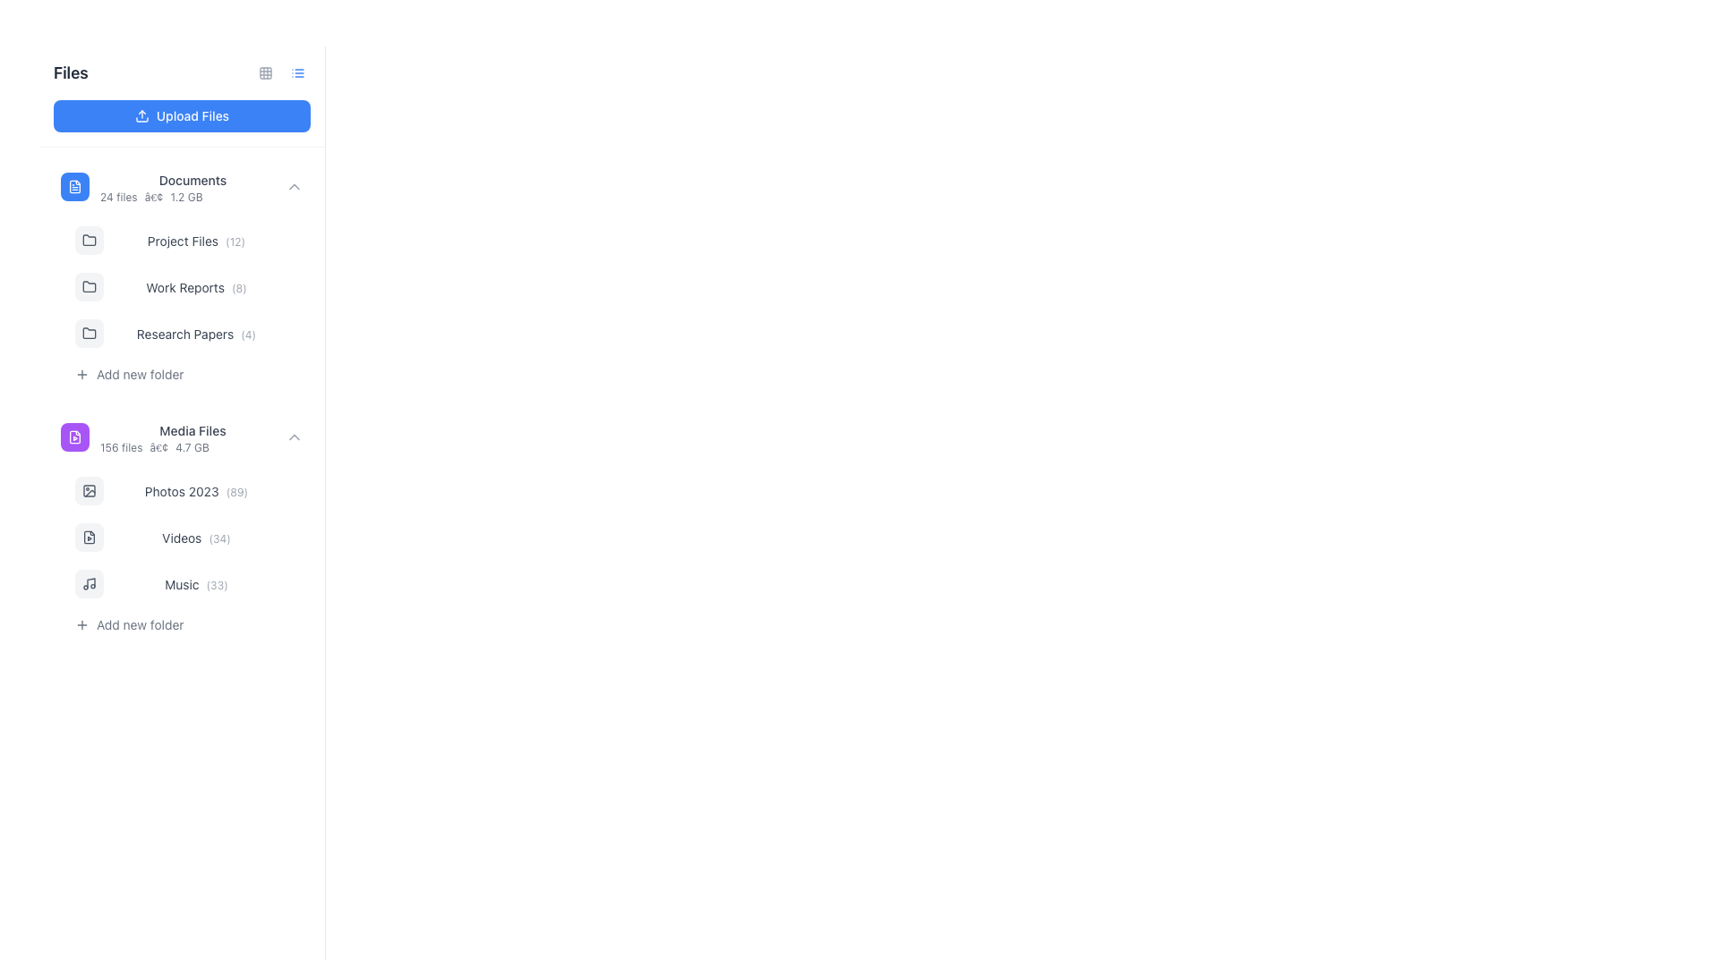 The width and height of the screenshot is (1719, 966). What do you see at coordinates (183, 240) in the screenshot?
I see `the text label 'Project Files' located in the left-side panel under the 'Documents' section` at bounding box center [183, 240].